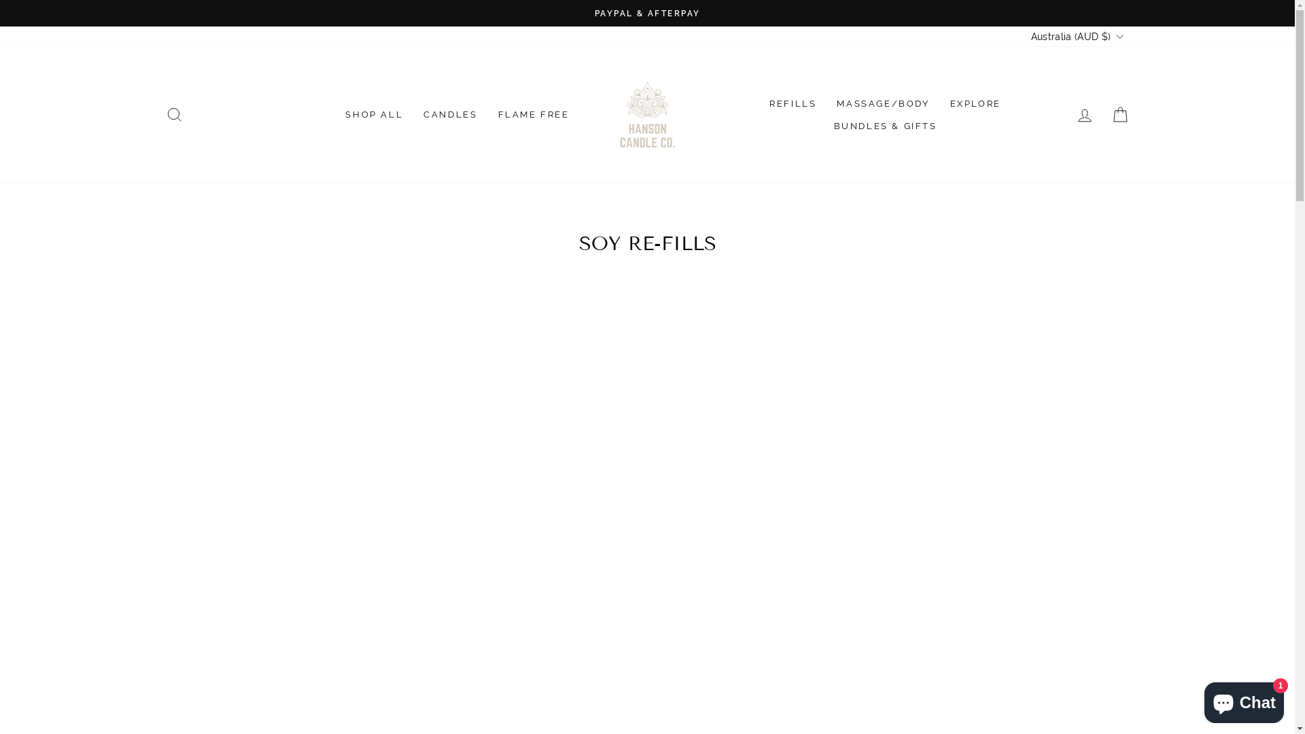 The height and width of the screenshot is (734, 1305). I want to click on 'MASSAGE/BODY', so click(883, 103).